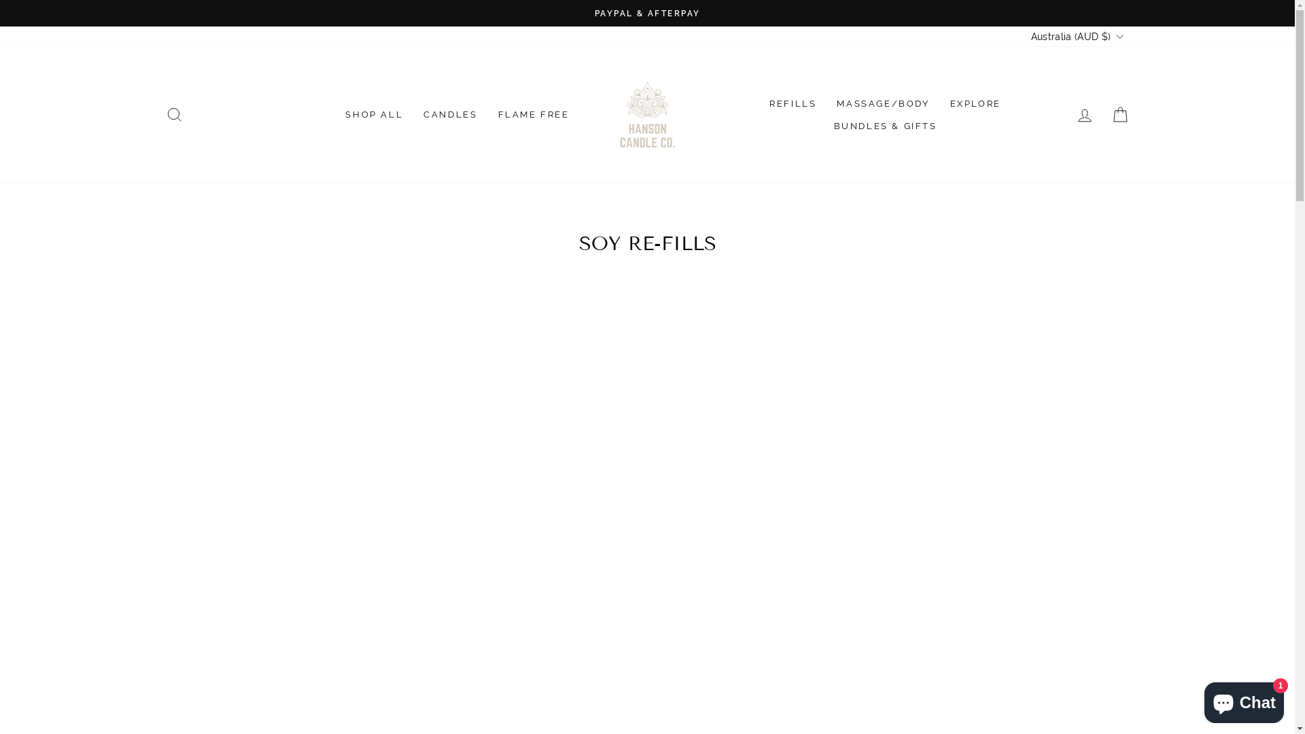 The height and width of the screenshot is (734, 1305). I want to click on 'MASSAGE/BODY', so click(883, 103).